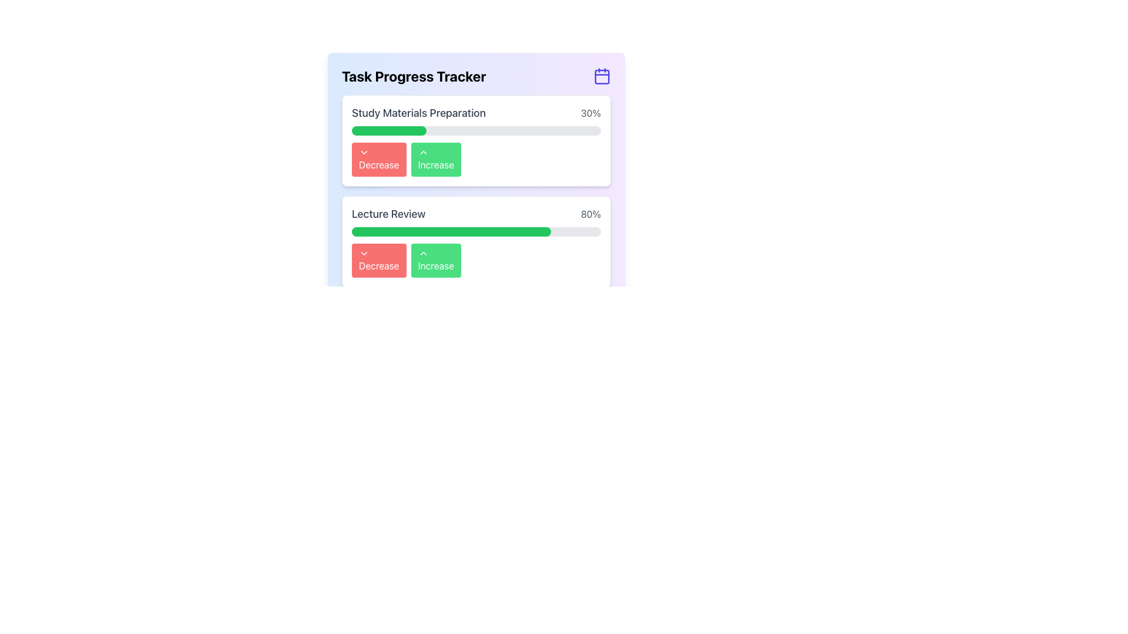 The height and width of the screenshot is (634, 1128). What do you see at coordinates (476, 113) in the screenshot?
I see `the Text Label indicating progress for 'Study Materials Preparation', which is located in the upper section of the task tracking card` at bounding box center [476, 113].